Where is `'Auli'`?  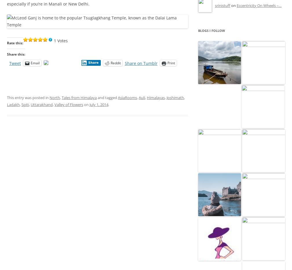
'Auli' is located at coordinates (139, 98).